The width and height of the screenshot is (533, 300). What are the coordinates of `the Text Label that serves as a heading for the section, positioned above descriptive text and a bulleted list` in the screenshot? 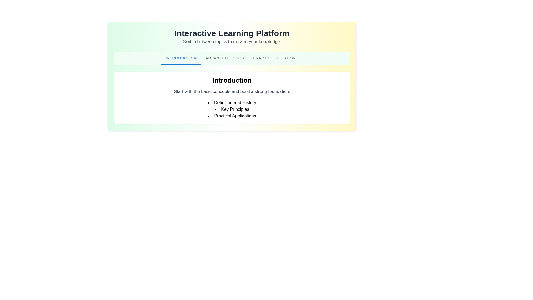 It's located at (232, 80).